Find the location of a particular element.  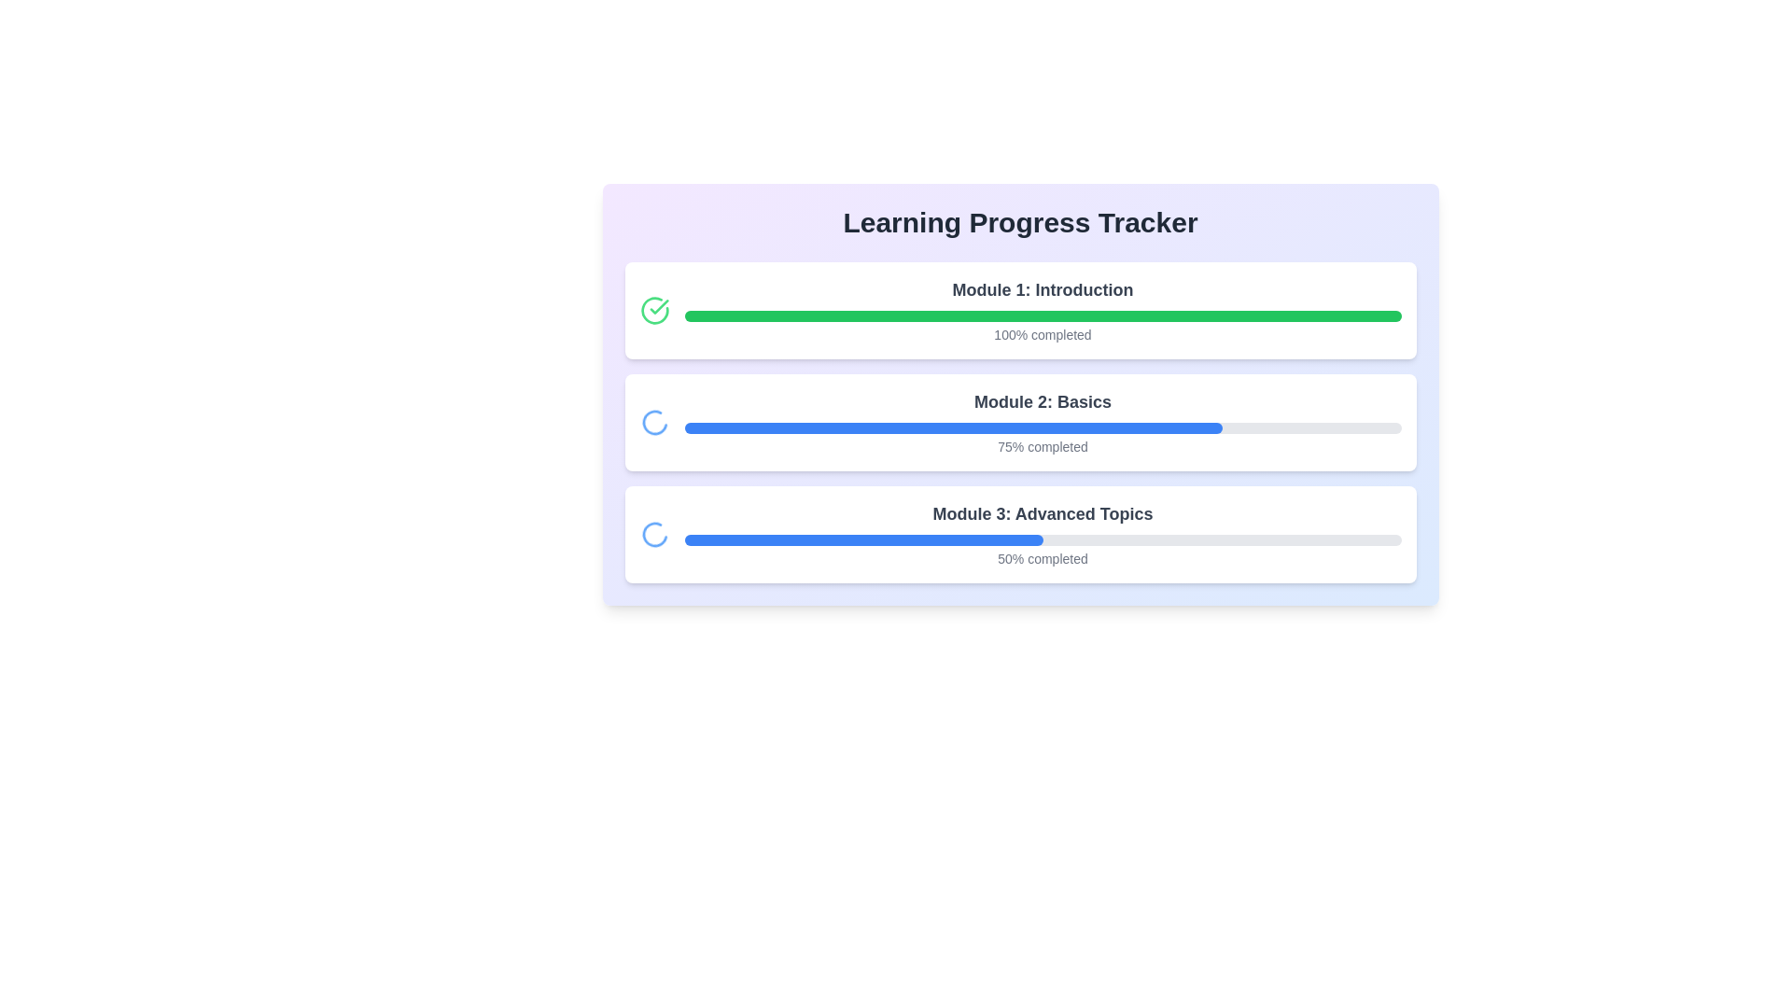

the visual state of the blue progress bar indicator, which is horizontally elongated with rounded ends, located between the text 'Module 2: Basics' and '75% completed', to understand the current progress is located at coordinates (953, 428).